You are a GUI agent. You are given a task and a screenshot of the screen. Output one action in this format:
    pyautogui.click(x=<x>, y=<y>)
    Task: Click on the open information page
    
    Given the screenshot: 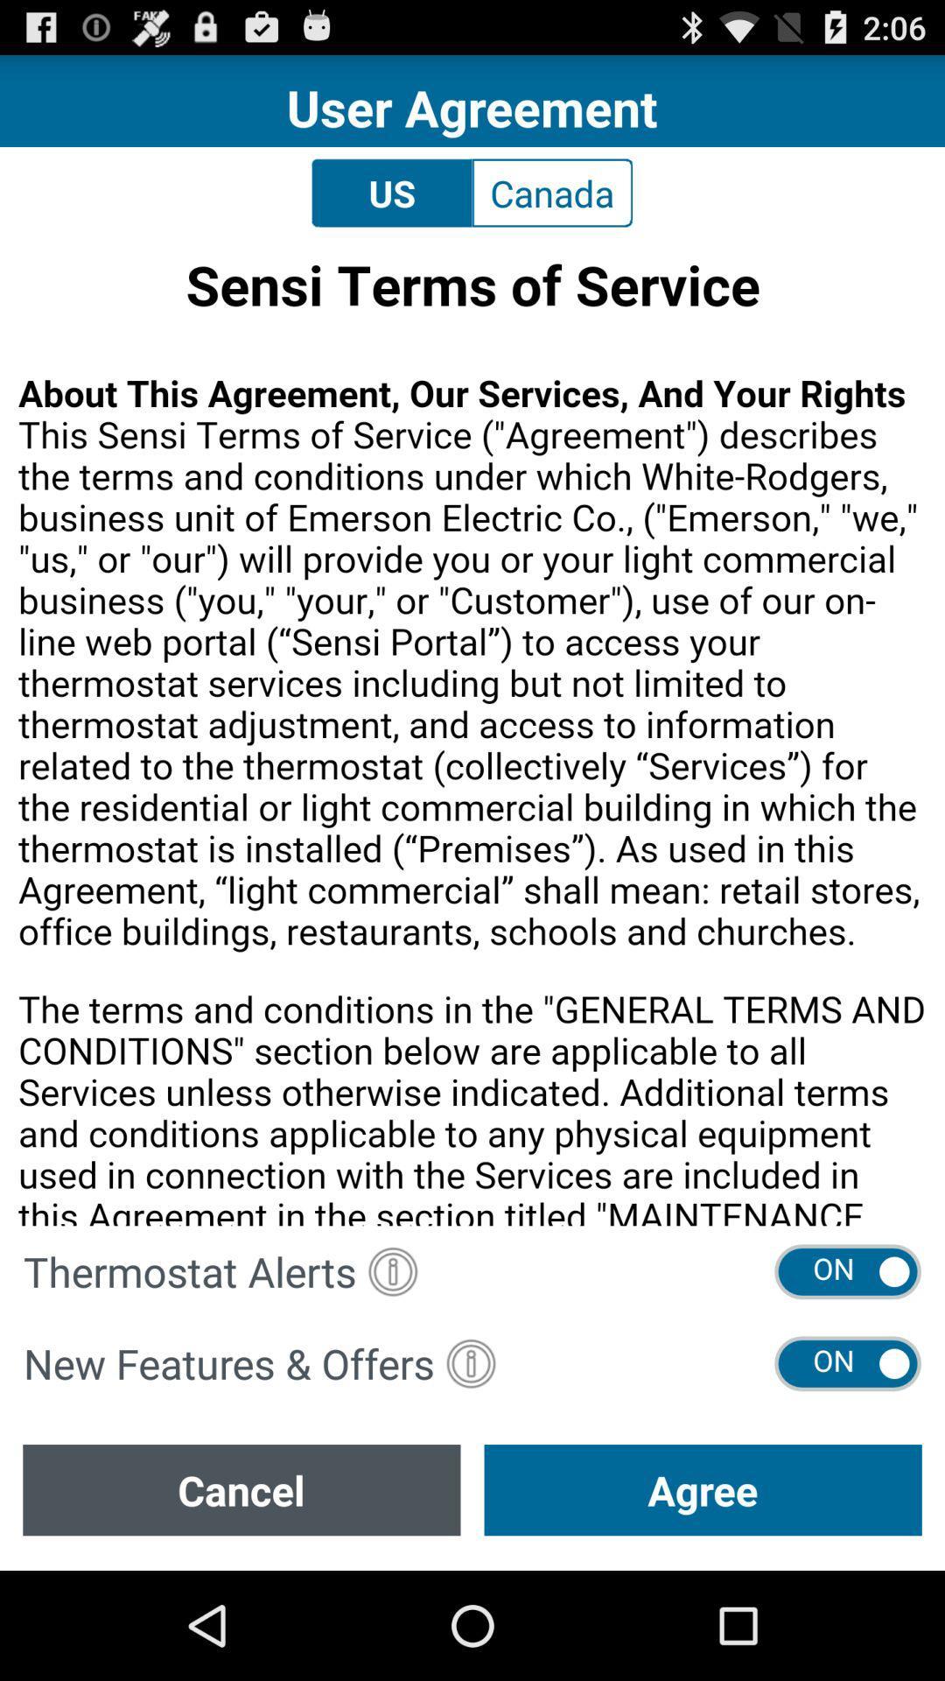 What is the action you would take?
    pyautogui.click(x=470, y=1362)
    